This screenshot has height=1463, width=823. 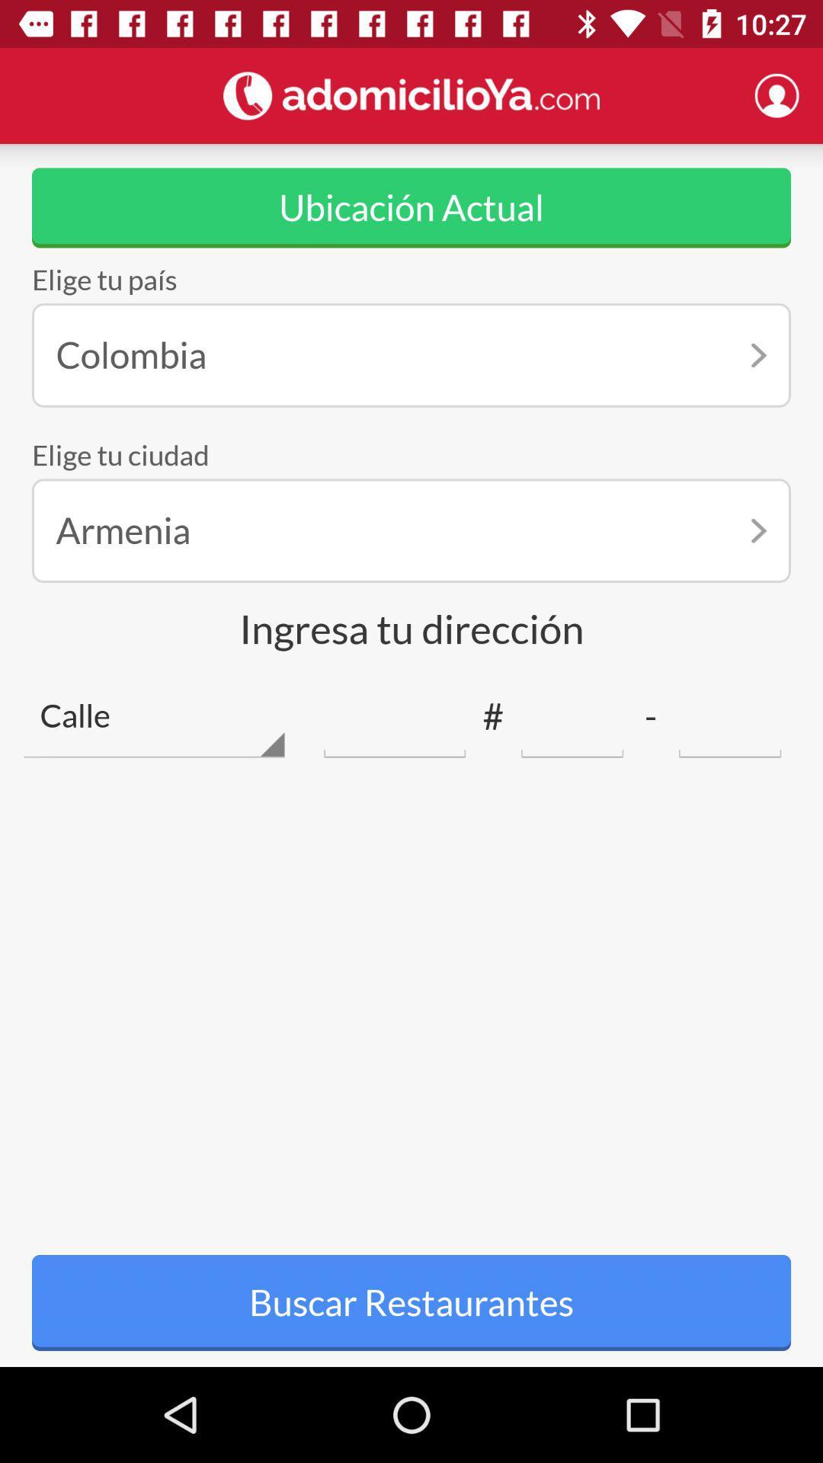 What do you see at coordinates (777, 94) in the screenshot?
I see `profile create` at bounding box center [777, 94].